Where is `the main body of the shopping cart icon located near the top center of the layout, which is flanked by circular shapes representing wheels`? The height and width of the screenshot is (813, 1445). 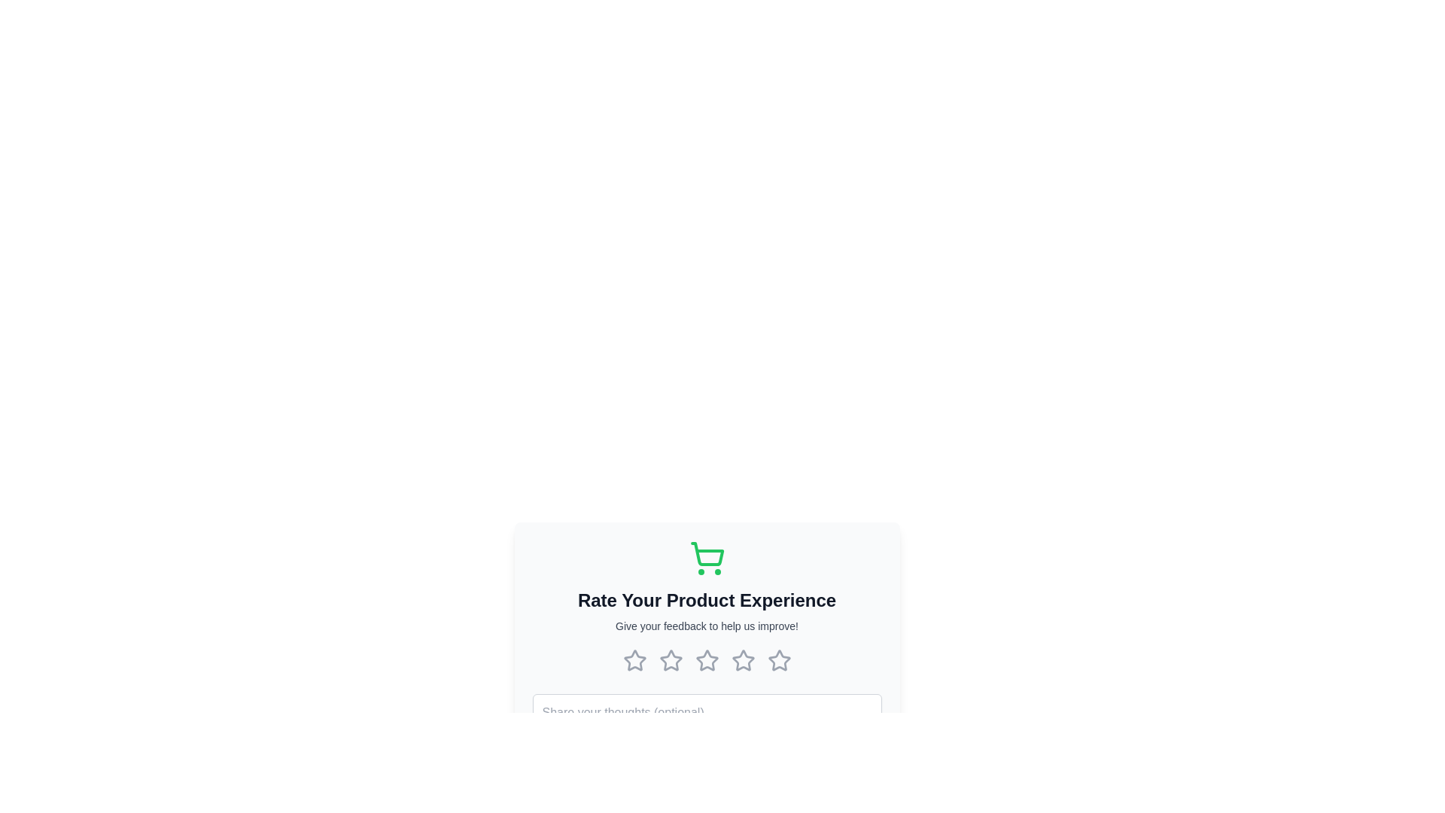
the main body of the shopping cart icon located near the top center of the layout, which is flanked by circular shapes representing wheels is located at coordinates (706, 554).